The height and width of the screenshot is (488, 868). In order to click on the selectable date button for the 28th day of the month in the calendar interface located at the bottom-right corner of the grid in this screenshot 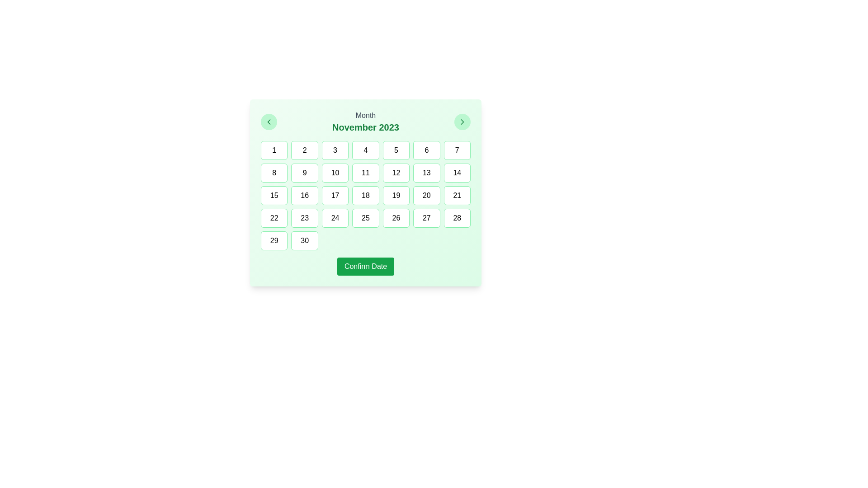, I will do `click(457, 218)`.